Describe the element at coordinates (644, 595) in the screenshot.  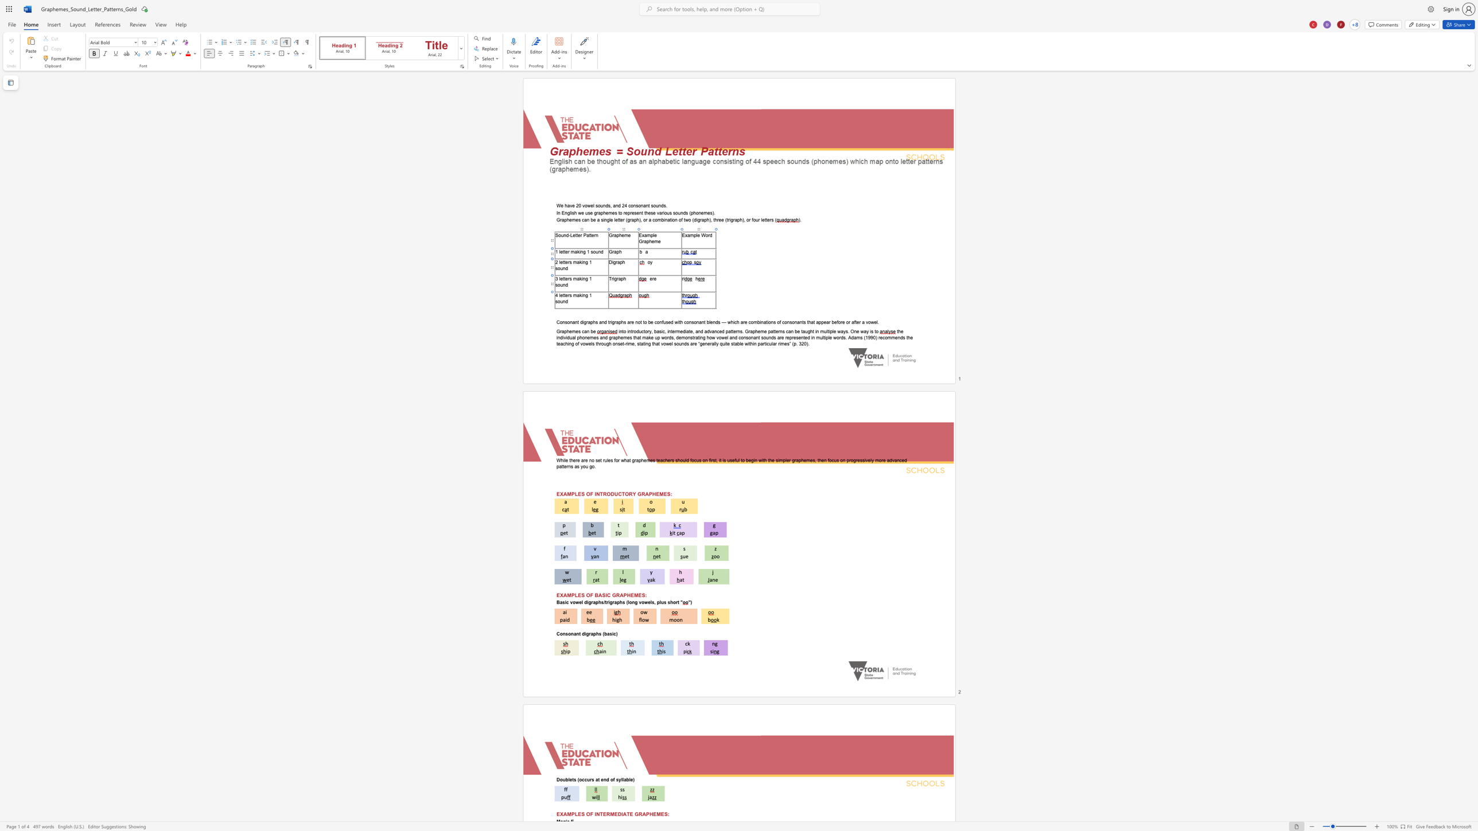
I see `the space between the continuous character "S" and ":" in the text` at that location.